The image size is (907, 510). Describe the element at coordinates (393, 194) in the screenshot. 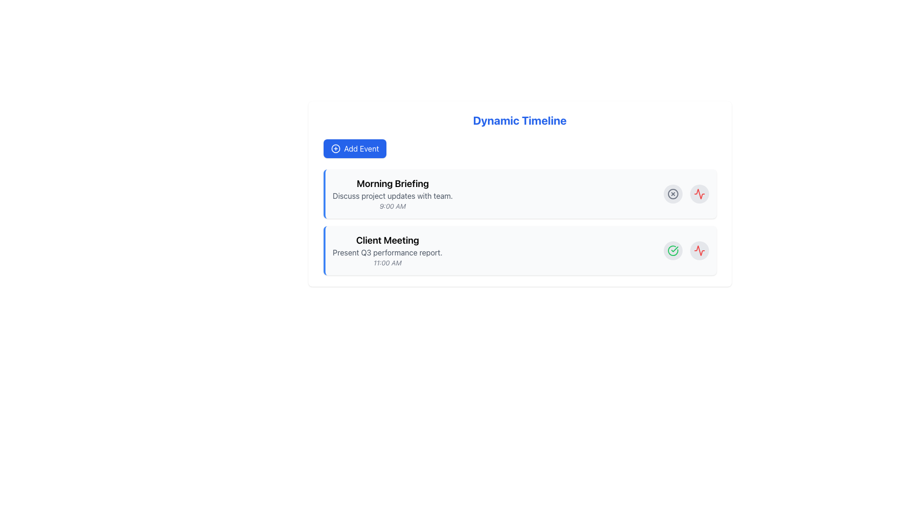

I see `the textual item indicating the event titled 'Morning Briefing' with the details 'Discuss project updates with team.' and the scheduled time '9:00 AM'` at that location.